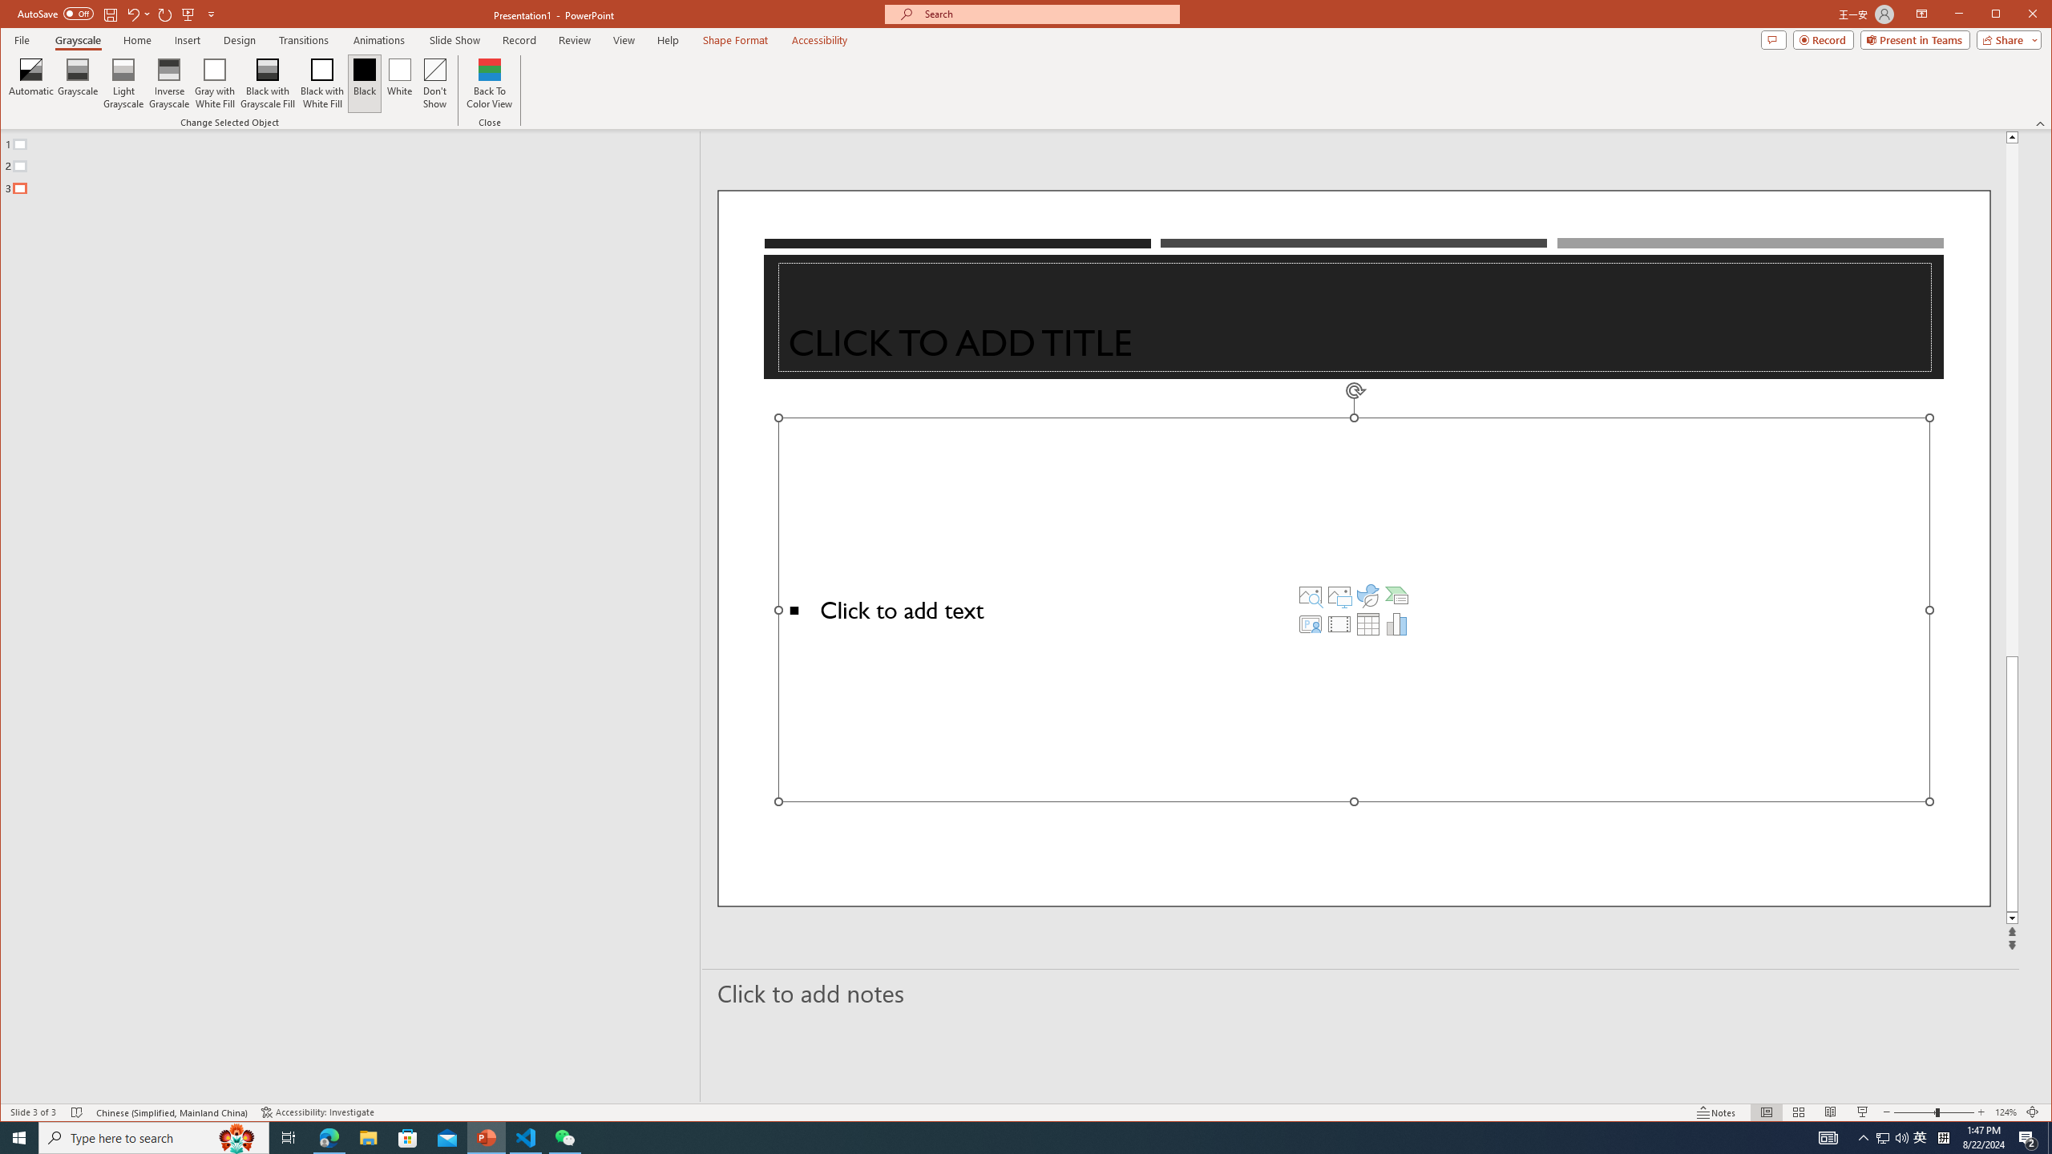 This screenshot has width=2052, height=1154. I want to click on 'Maximize', so click(2019, 15).